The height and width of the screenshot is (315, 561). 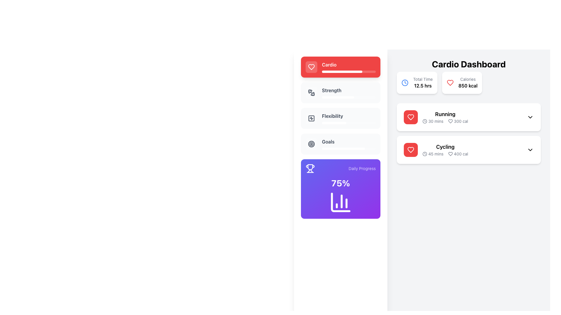 What do you see at coordinates (433, 121) in the screenshot?
I see `the duration information displayed as '30 mins' with a clock icon in the second card of the 'Cardio Dashboard' section` at bounding box center [433, 121].